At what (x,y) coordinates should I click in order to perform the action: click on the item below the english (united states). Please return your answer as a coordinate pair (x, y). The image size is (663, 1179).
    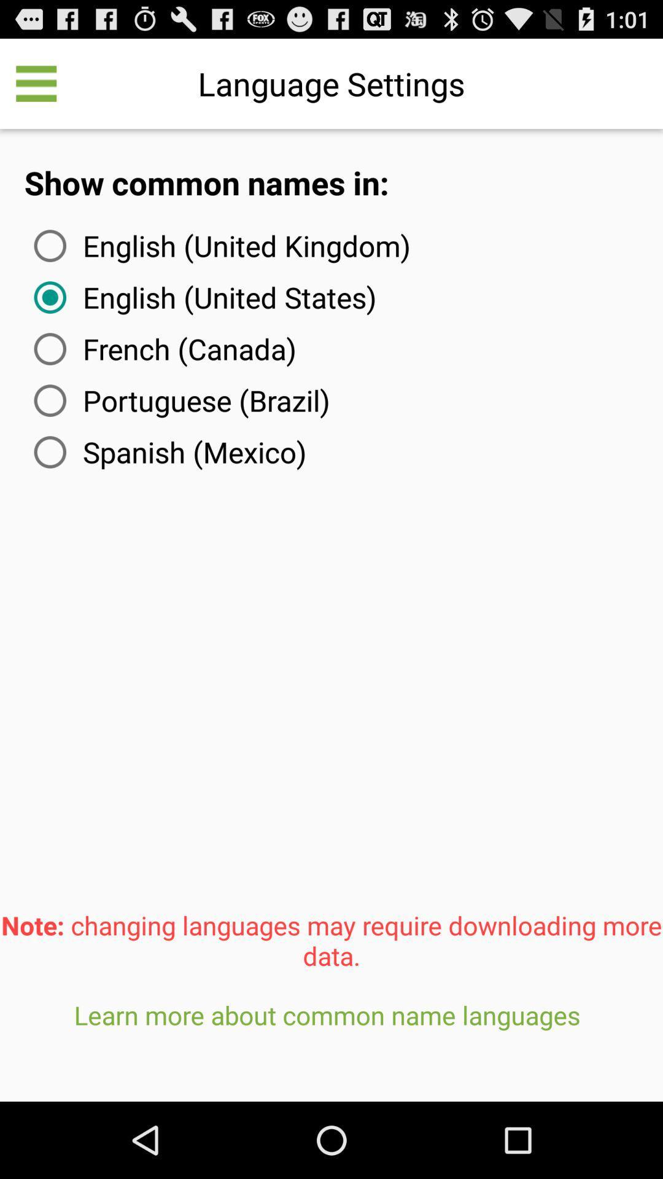
    Looking at the image, I should click on (162, 348).